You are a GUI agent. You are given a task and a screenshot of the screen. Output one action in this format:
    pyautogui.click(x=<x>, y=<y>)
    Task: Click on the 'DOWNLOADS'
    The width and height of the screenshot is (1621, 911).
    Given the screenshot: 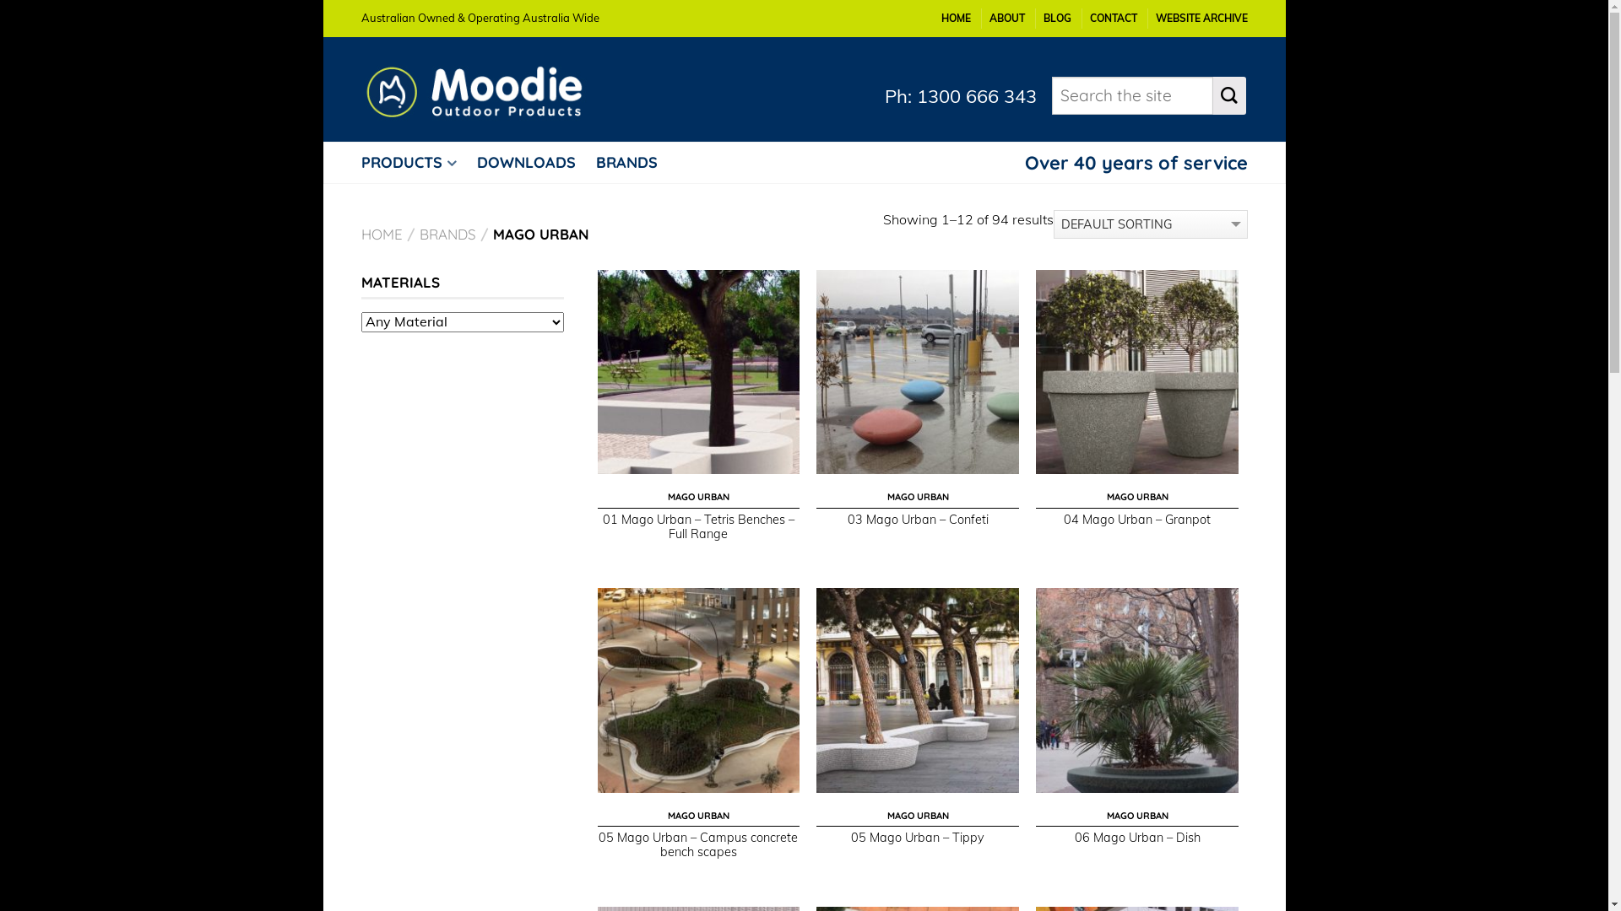 What is the action you would take?
    pyautogui.click(x=533, y=162)
    